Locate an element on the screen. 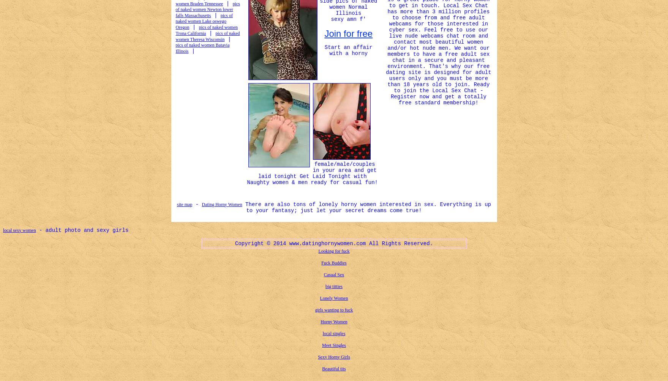  'Sexy Horny Girls' is located at coordinates (317, 356).